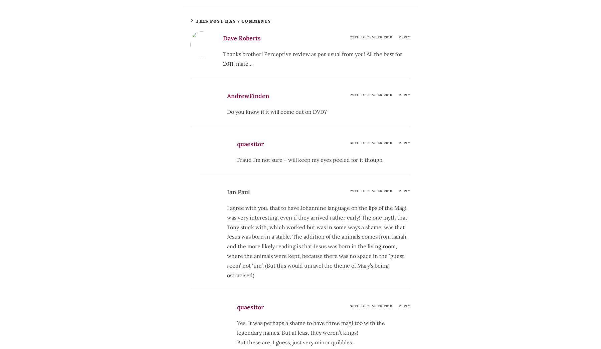 This screenshot has height=349, width=601. Describe the element at coordinates (295, 342) in the screenshot. I see `'But these are, I guess, just very minor quibbles.'` at that location.